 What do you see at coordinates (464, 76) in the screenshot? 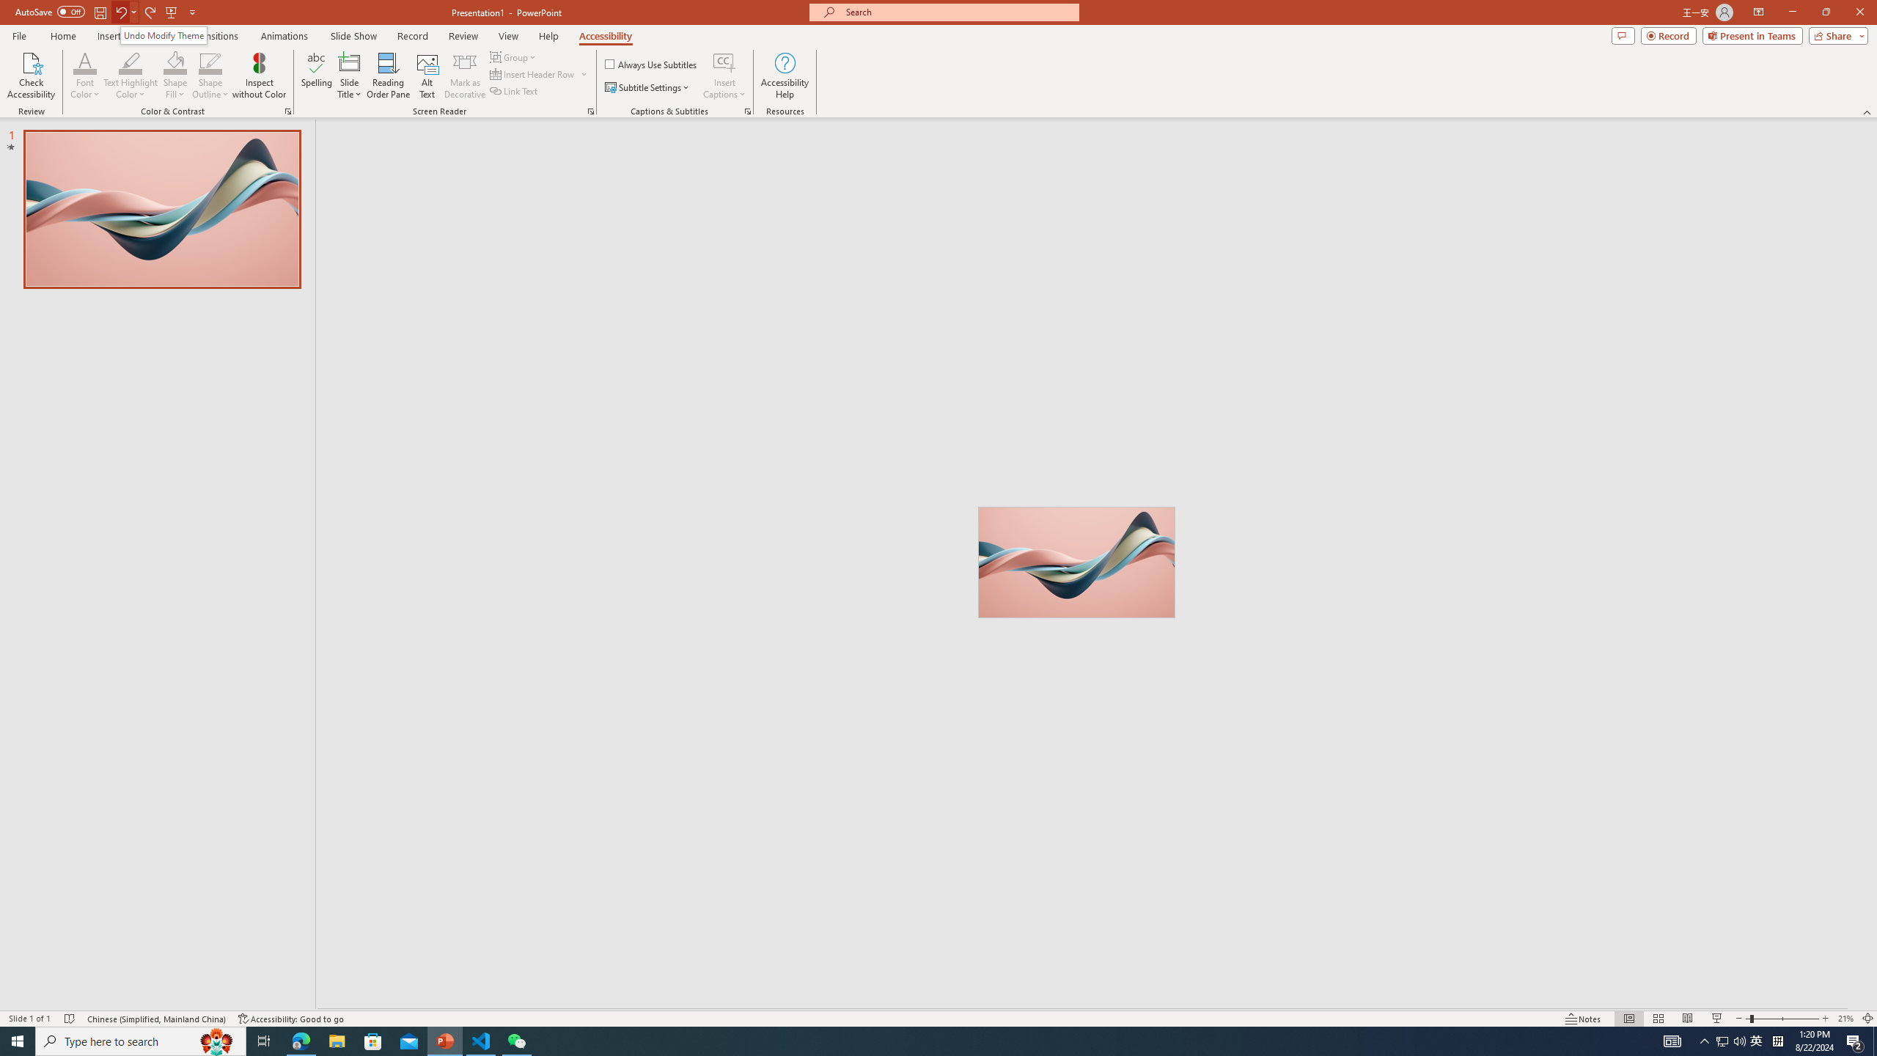
I see `'Mark as Decorative'` at bounding box center [464, 76].